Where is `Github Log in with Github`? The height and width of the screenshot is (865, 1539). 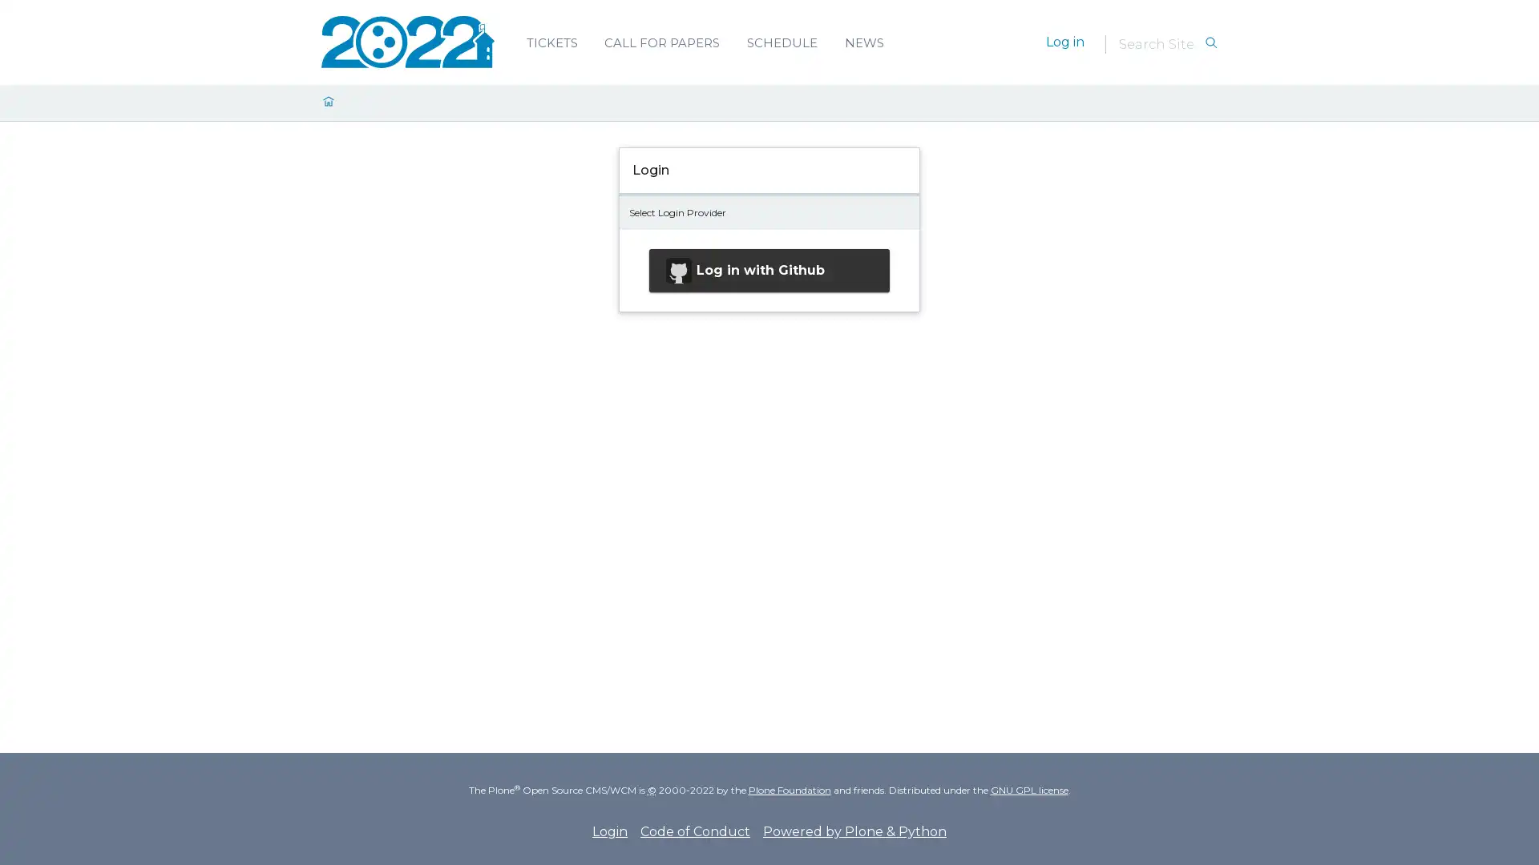 Github Log in with Github is located at coordinates (769, 268).